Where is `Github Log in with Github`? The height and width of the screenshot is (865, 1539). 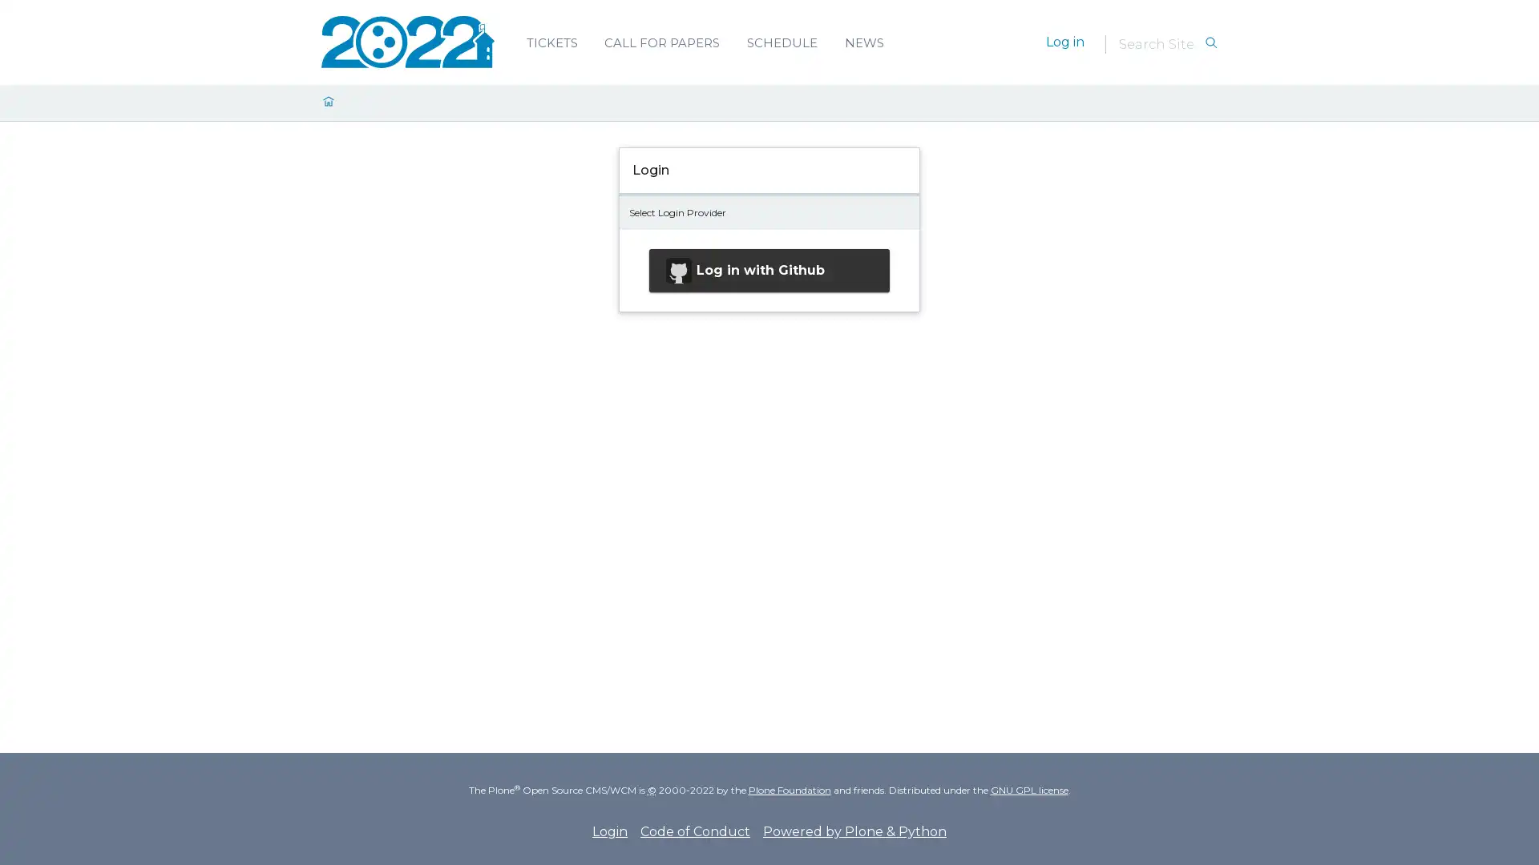 Github Log in with Github is located at coordinates (769, 268).